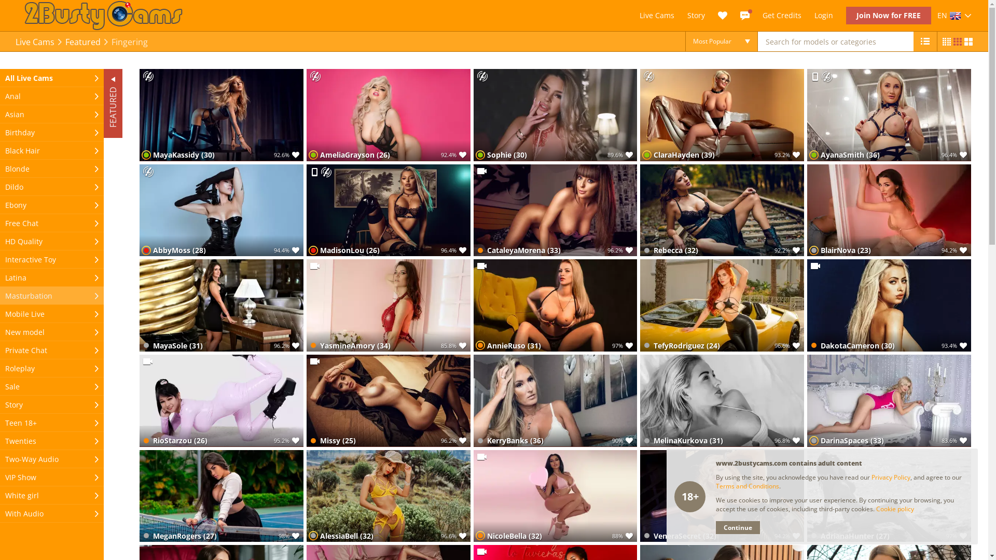 The height and width of the screenshot is (560, 996). I want to click on 'Free Chat', so click(51, 222).